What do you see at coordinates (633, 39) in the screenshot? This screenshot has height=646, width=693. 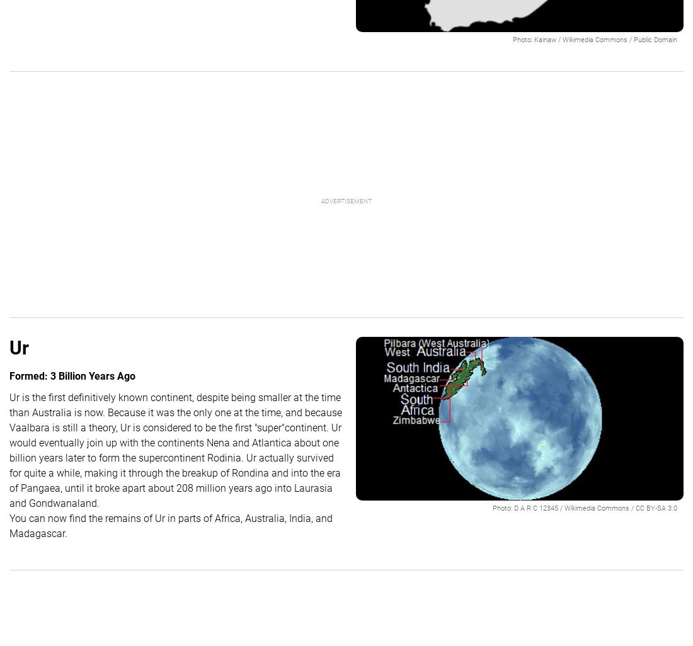 I see `'Public Domain'` at bounding box center [633, 39].